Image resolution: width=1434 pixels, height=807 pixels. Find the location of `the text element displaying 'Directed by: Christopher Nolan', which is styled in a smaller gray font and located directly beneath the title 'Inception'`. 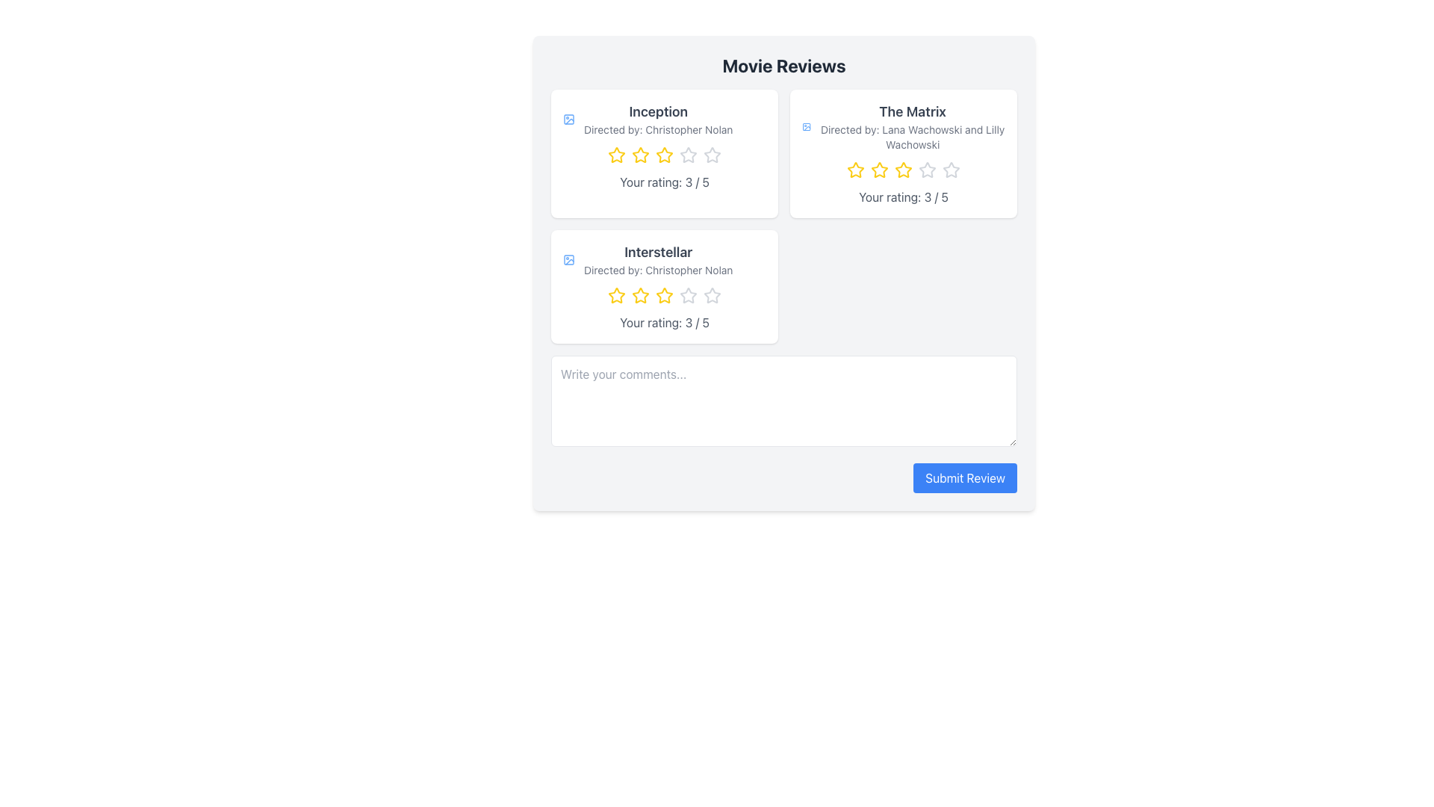

the text element displaying 'Directed by: Christopher Nolan', which is styled in a smaller gray font and located directly beneath the title 'Inception' is located at coordinates (657, 129).